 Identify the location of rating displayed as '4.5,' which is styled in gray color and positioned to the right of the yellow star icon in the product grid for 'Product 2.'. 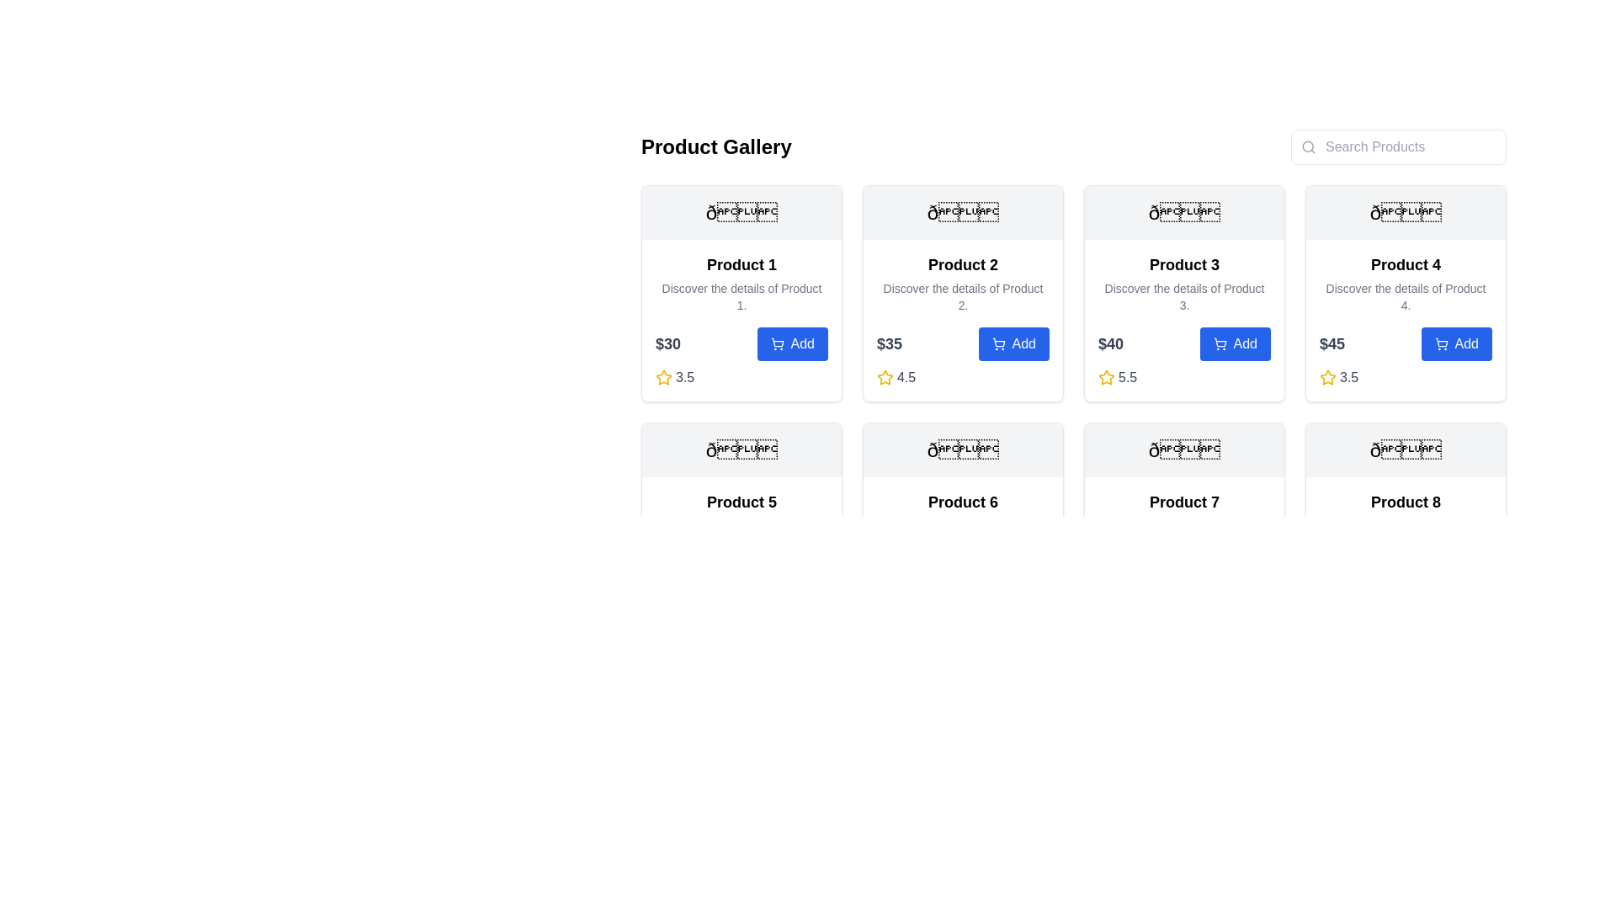
(906, 376).